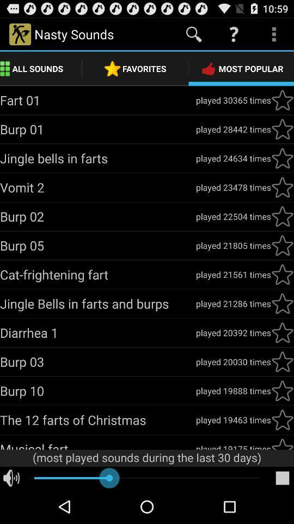  Describe the element at coordinates (282, 478) in the screenshot. I see `item below most played sounds` at that location.